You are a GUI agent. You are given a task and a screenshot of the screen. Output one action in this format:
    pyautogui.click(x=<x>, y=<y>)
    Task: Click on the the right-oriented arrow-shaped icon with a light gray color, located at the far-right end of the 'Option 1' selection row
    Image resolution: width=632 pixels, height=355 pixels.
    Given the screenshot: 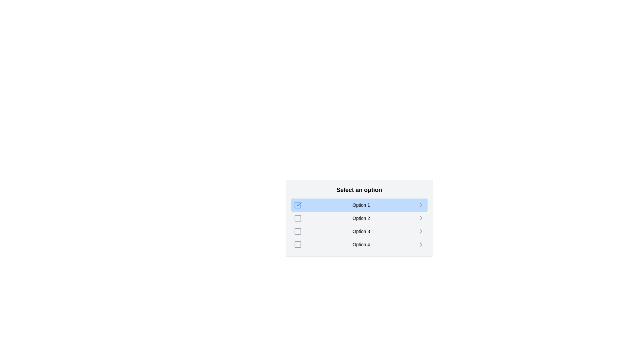 What is the action you would take?
    pyautogui.click(x=420, y=205)
    